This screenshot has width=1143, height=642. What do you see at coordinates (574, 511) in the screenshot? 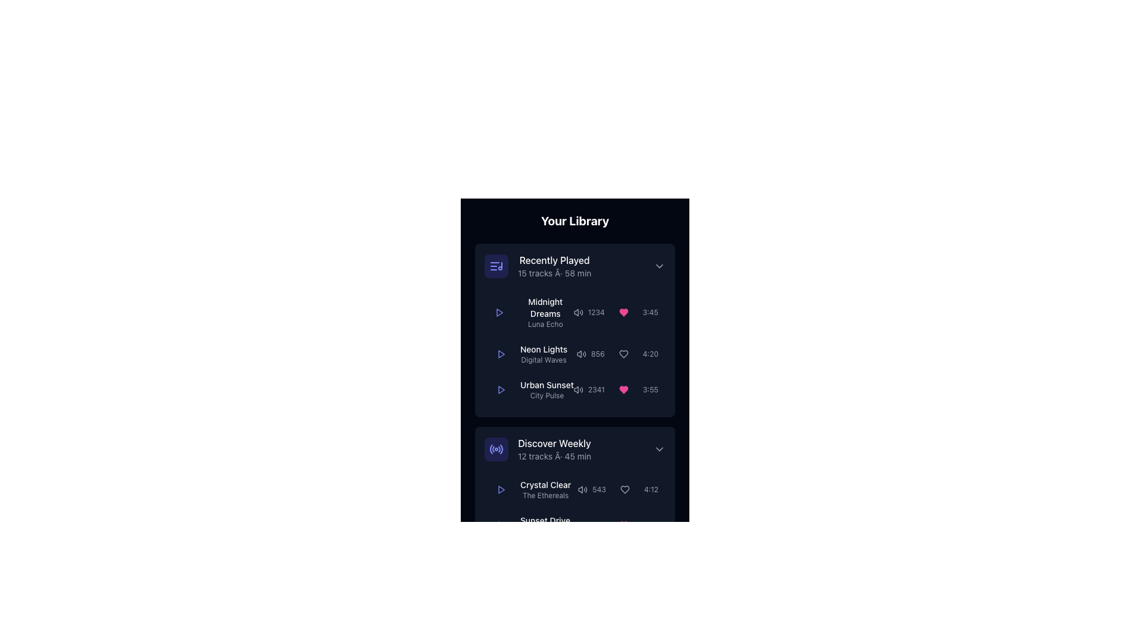
I see `the Playlist item titled 'Crystal Clear' with the play button` at bounding box center [574, 511].